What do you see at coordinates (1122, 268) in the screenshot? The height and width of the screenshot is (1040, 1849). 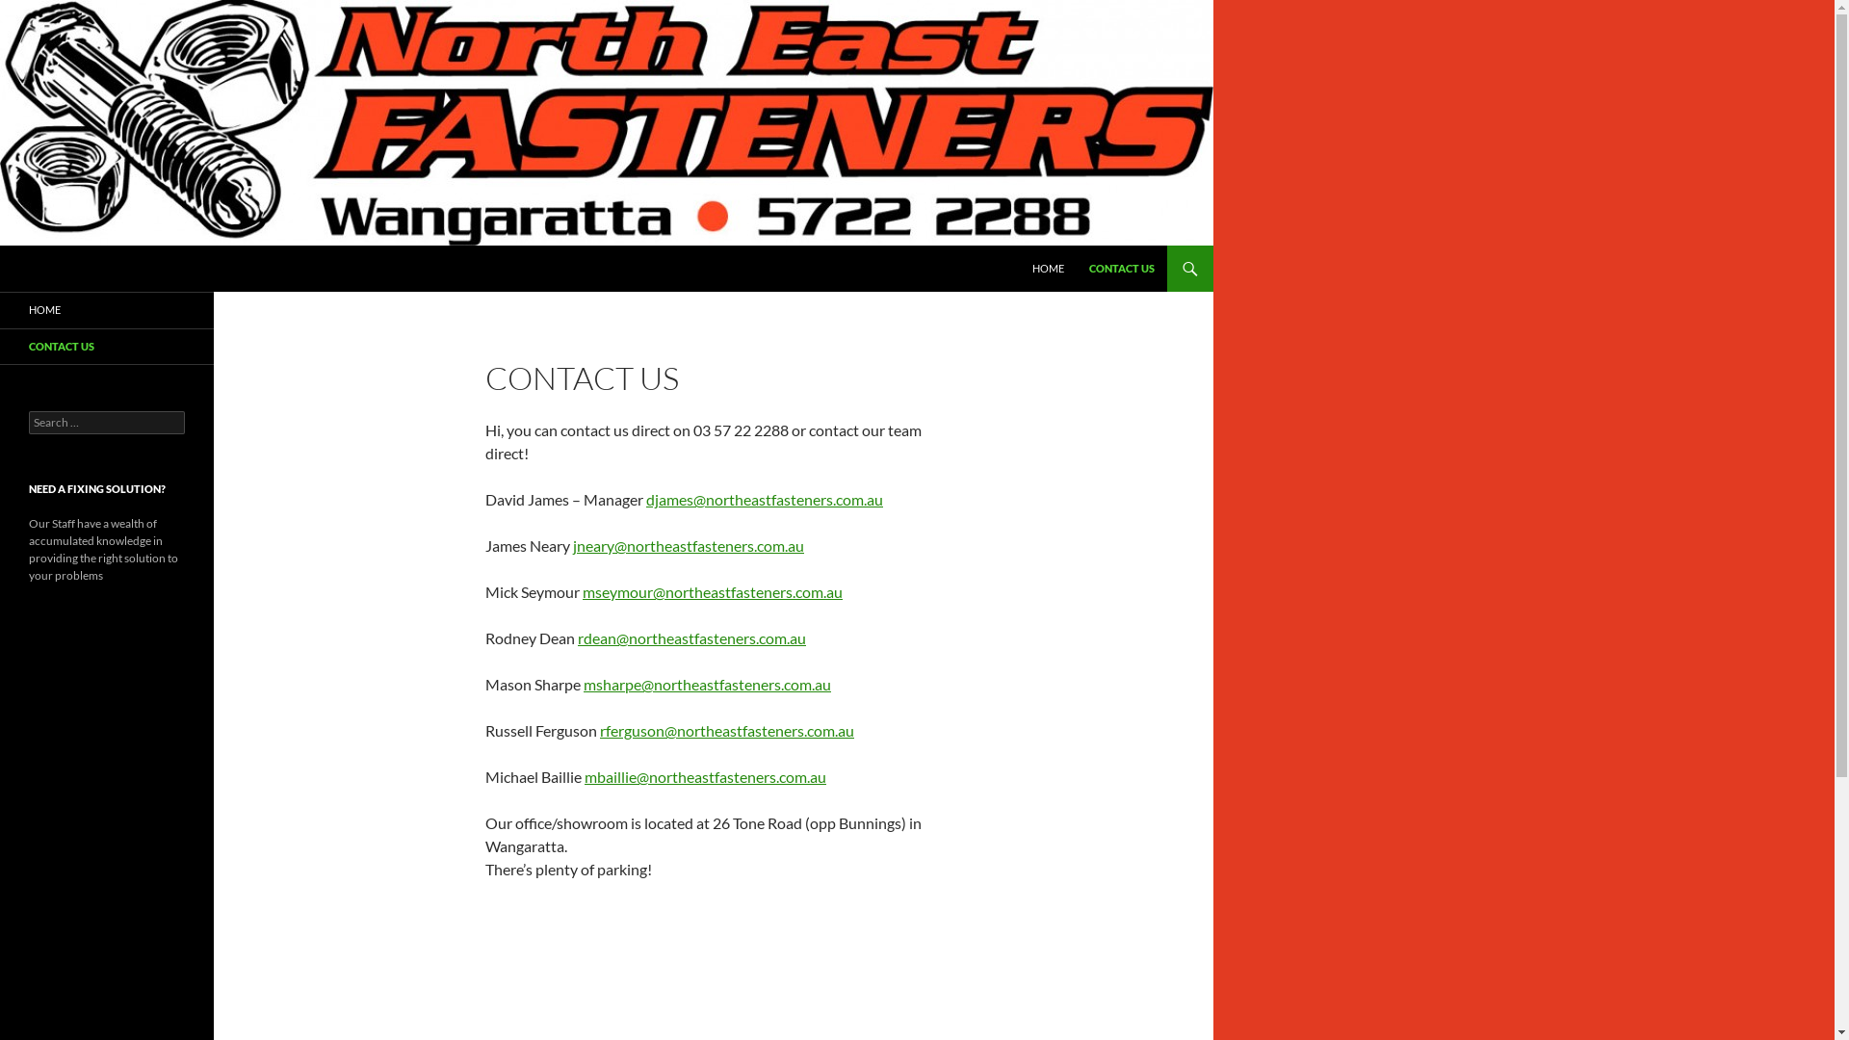 I see `'CONTACT US'` at bounding box center [1122, 268].